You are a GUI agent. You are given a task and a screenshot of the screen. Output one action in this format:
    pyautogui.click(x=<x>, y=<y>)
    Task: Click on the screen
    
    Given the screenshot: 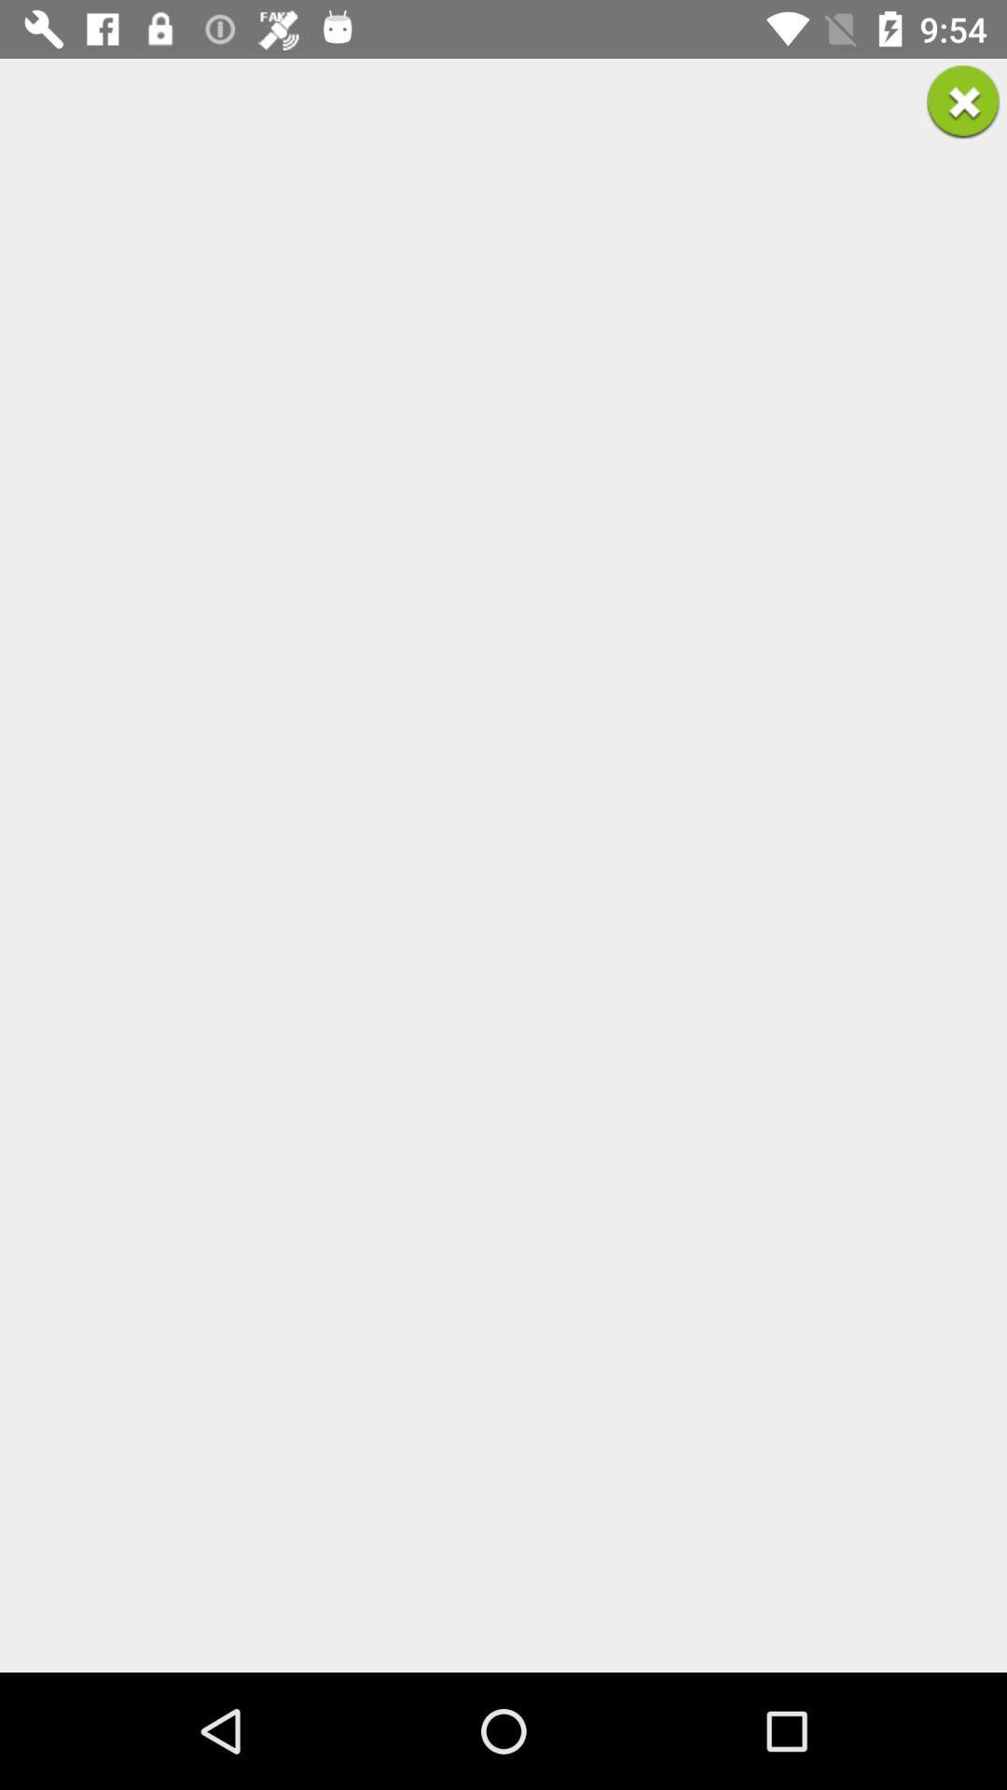 What is the action you would take?
    pyautogui.click(x=963, y=101)
    